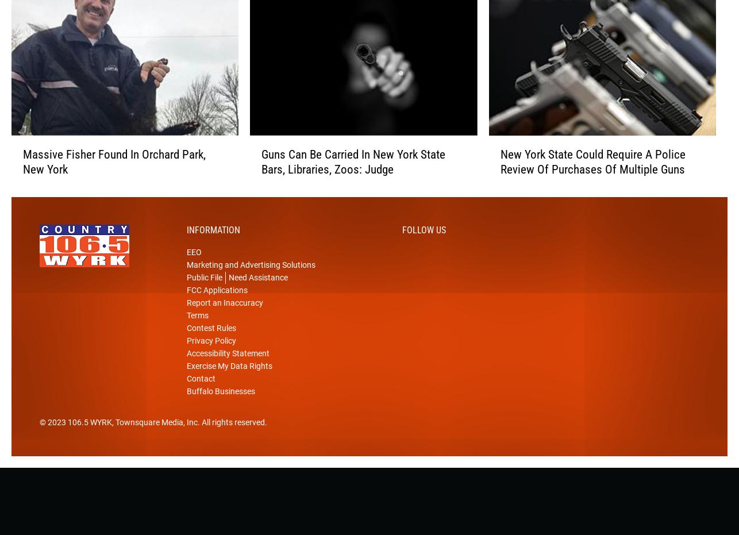 The height and width of the screenshot is (535, 739). I want to click on 'EEO', so click(186, 270).